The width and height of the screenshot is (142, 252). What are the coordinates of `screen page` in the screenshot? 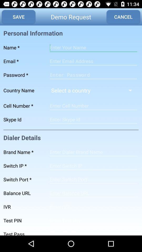 It's located at (93, 220).